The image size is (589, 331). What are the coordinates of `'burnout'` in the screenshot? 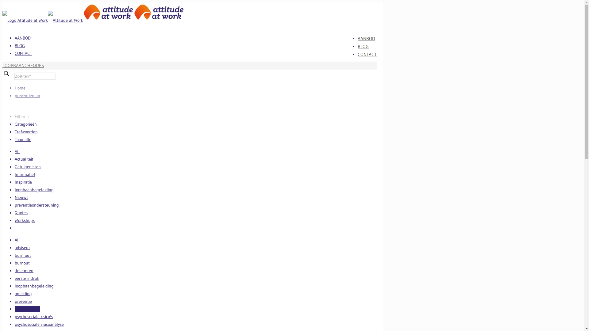 It's located at (22, 262).